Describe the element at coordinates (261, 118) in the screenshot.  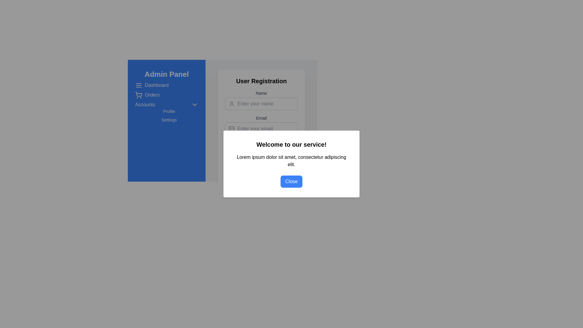
I see `the Text label that indicates the purpose of the email input field in the 'User Registration' form` at that location.